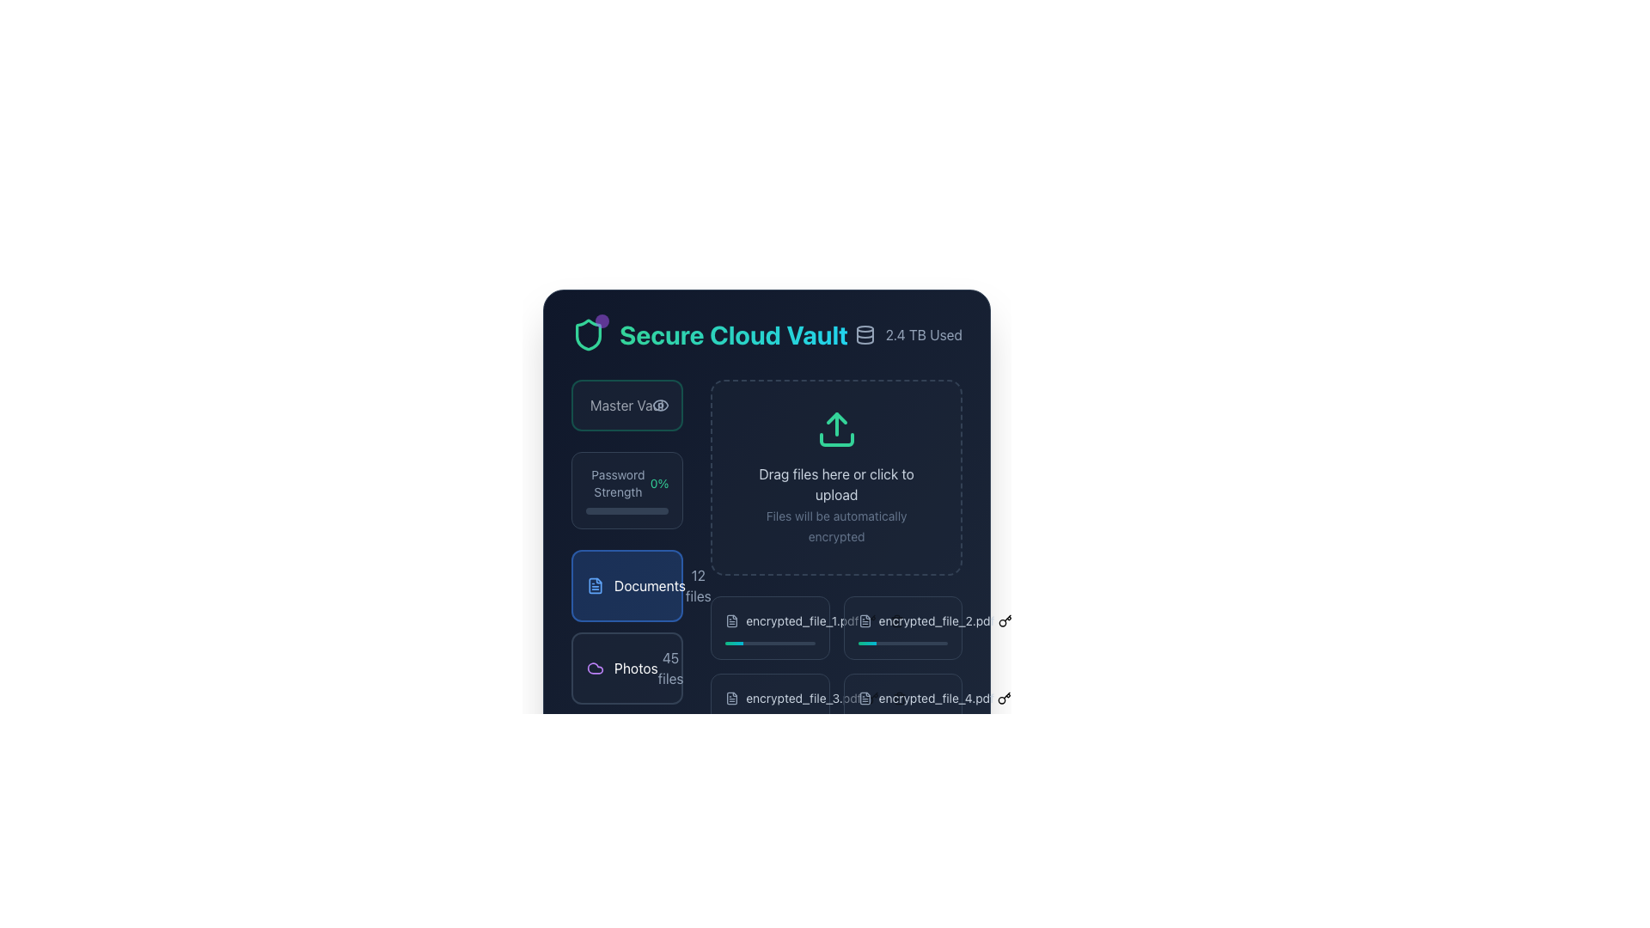  What do you see at coordinates (869, 620) in the screenshot?
I see `the key icon button located to the right of the first file in the 'Documents' section of the interface` at bounding box center [869, 620].